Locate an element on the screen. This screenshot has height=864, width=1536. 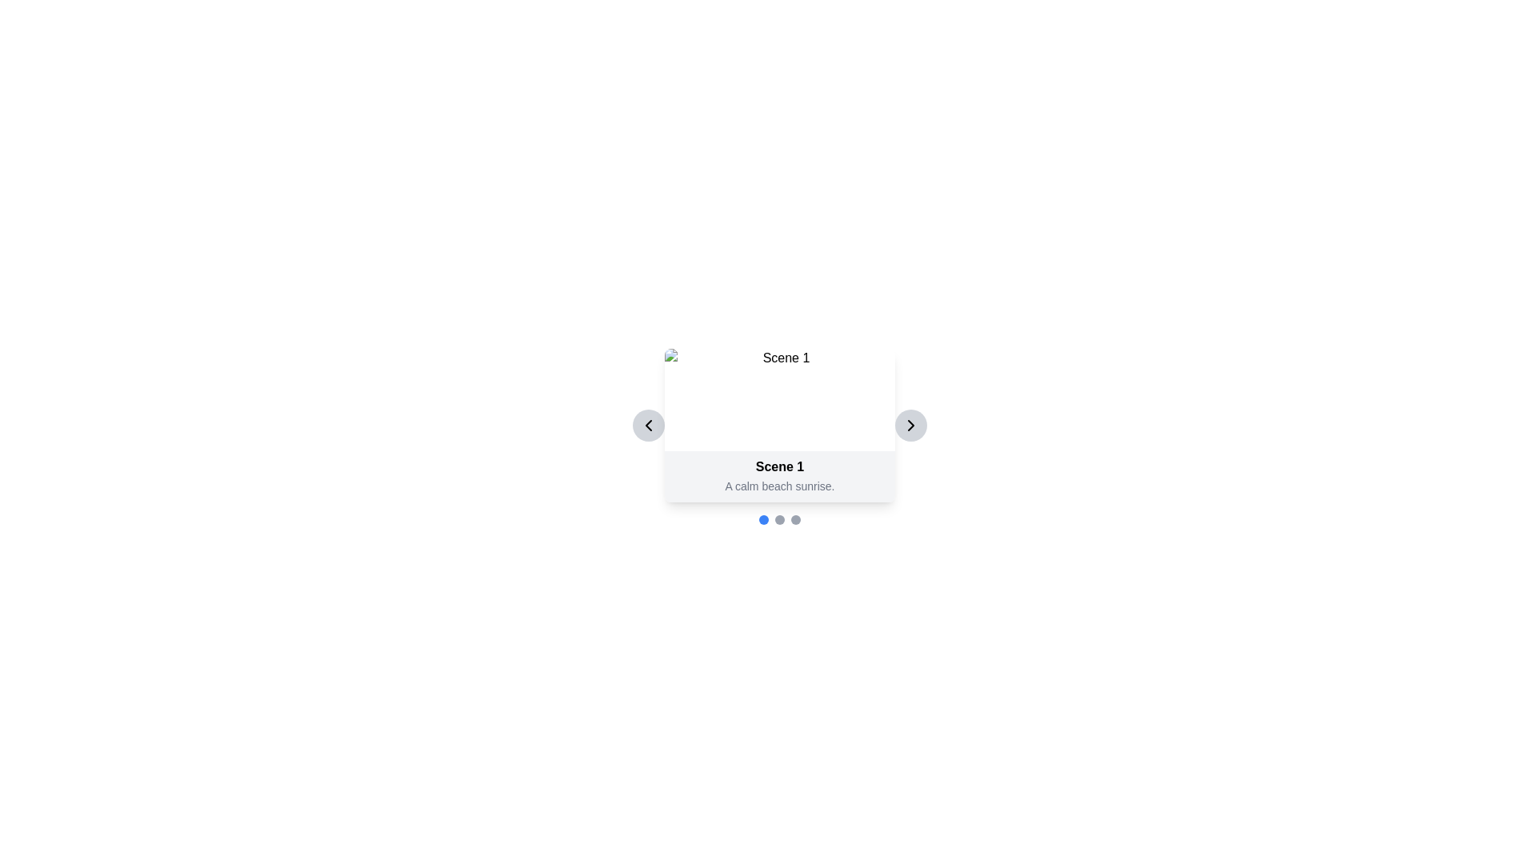
the rightward-pointing chevron icon located within the circular button is located at coordinates (910, 425).